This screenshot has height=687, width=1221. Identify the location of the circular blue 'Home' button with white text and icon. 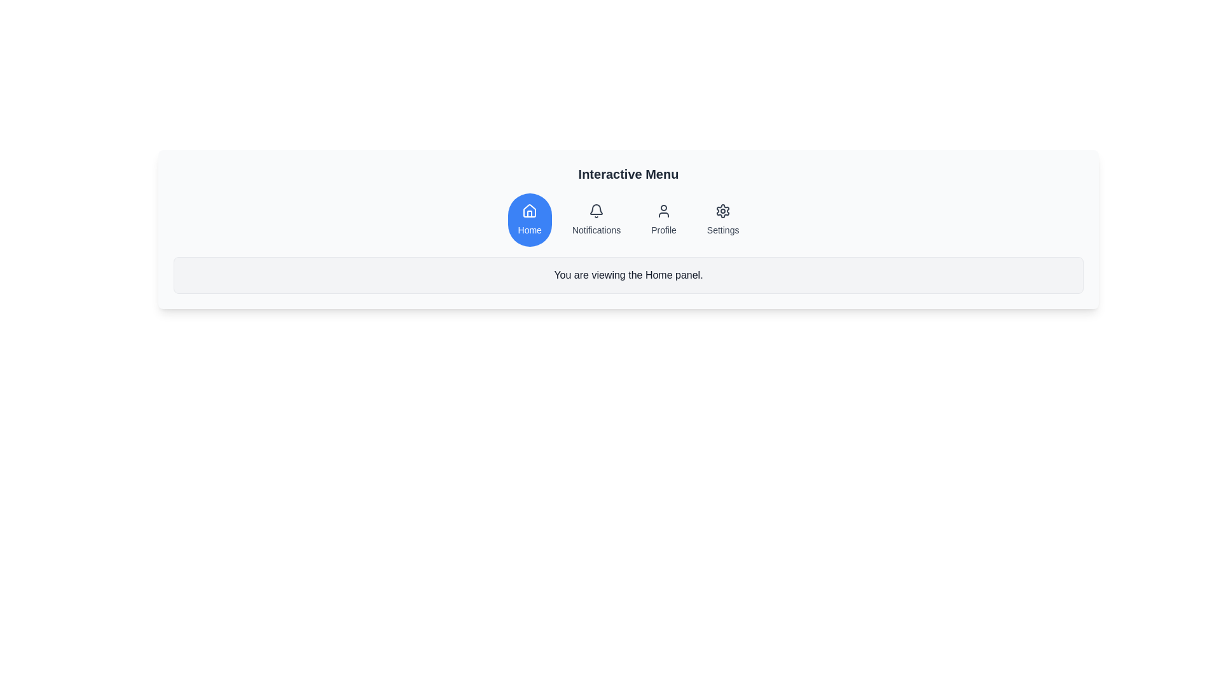
(530, 219).